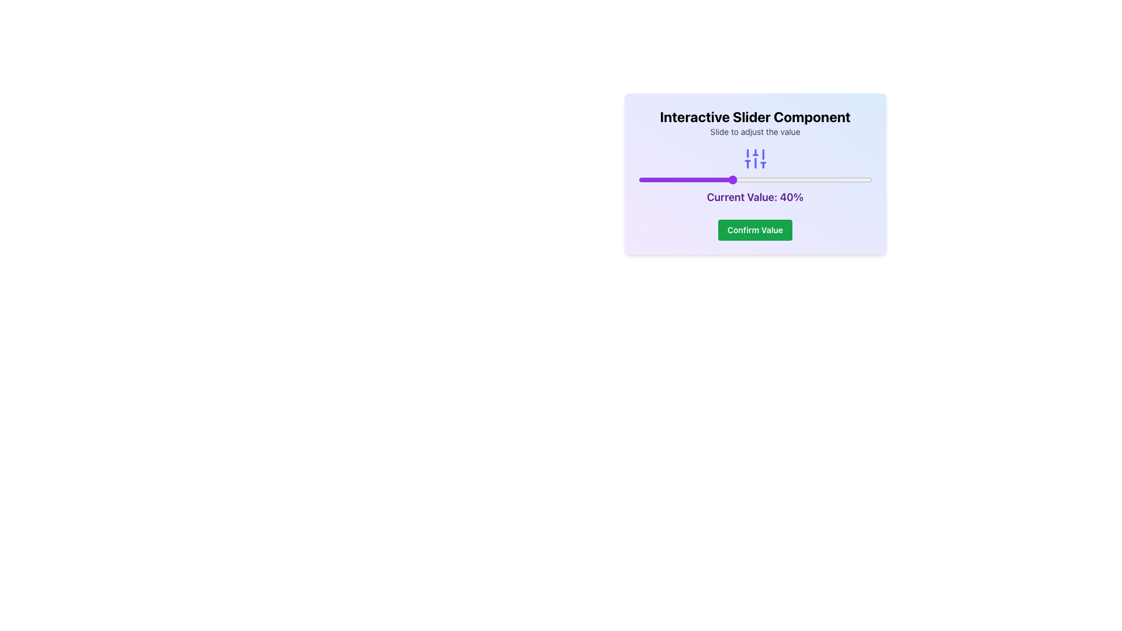  What do you see at coordinates (760, 180) in the screenshot?
I see `the slider value` at bounding box center [760, 180].